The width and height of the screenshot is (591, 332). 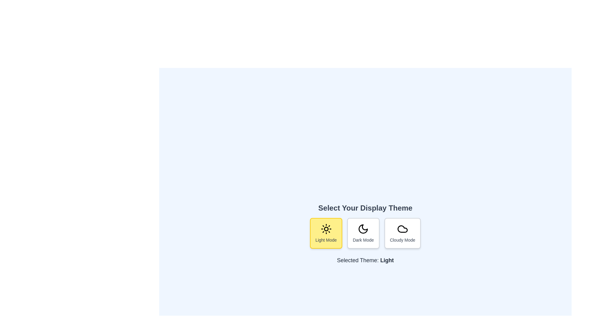 I want to click on the Light Mode button to see its hover effect, so click(x=326, y=233).